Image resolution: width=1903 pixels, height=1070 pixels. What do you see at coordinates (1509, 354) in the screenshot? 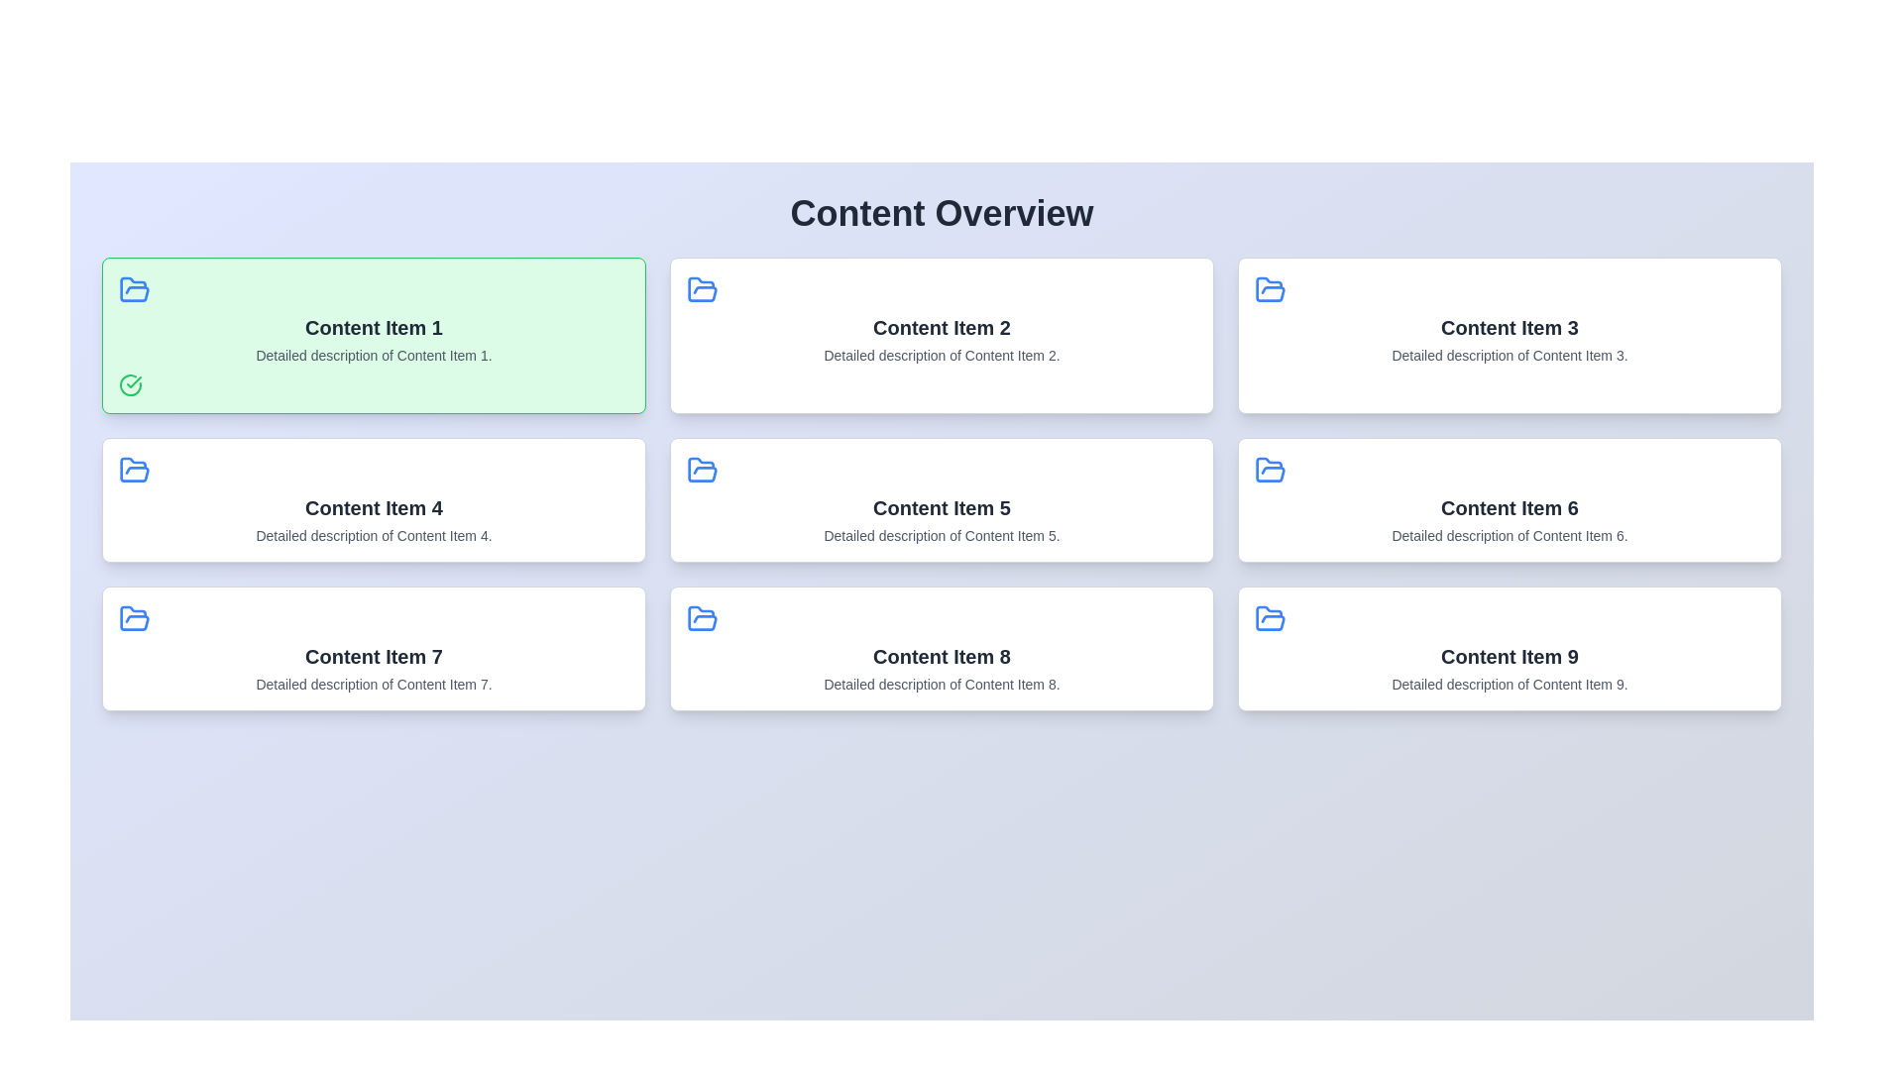
I see `the descriptive text label that reads 'Detailed description of Content Item 3.' located beneath the title 'Content Item 3' in the card-style layout` at bounding box center [1509, 354].